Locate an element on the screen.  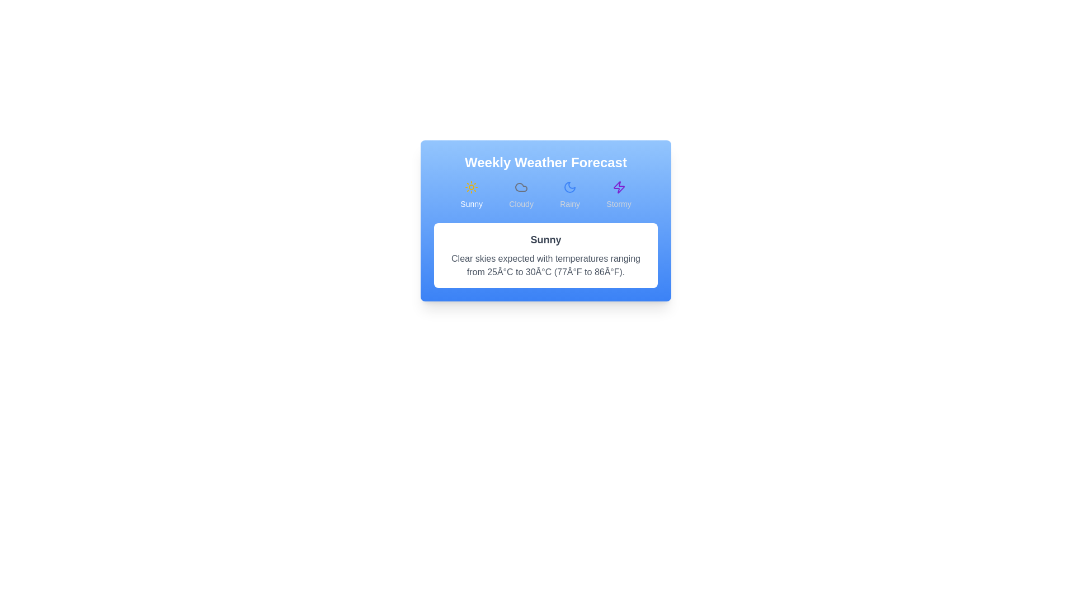
the Stormy forecast tab by clicking on its button is located at coordinates (618, 194).